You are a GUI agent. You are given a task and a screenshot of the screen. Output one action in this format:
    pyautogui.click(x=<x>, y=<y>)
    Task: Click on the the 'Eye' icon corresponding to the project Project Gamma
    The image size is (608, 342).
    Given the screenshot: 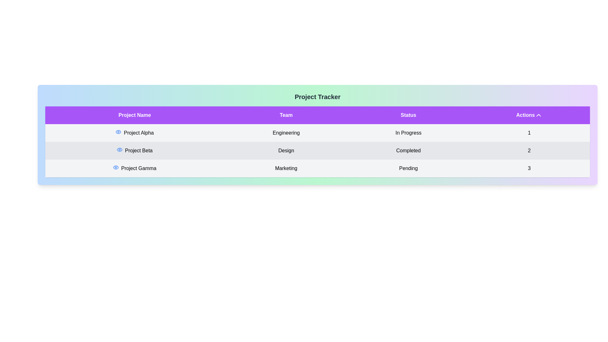 What is the action you would take?
    pyautogui.click(x=115, y=167)
    